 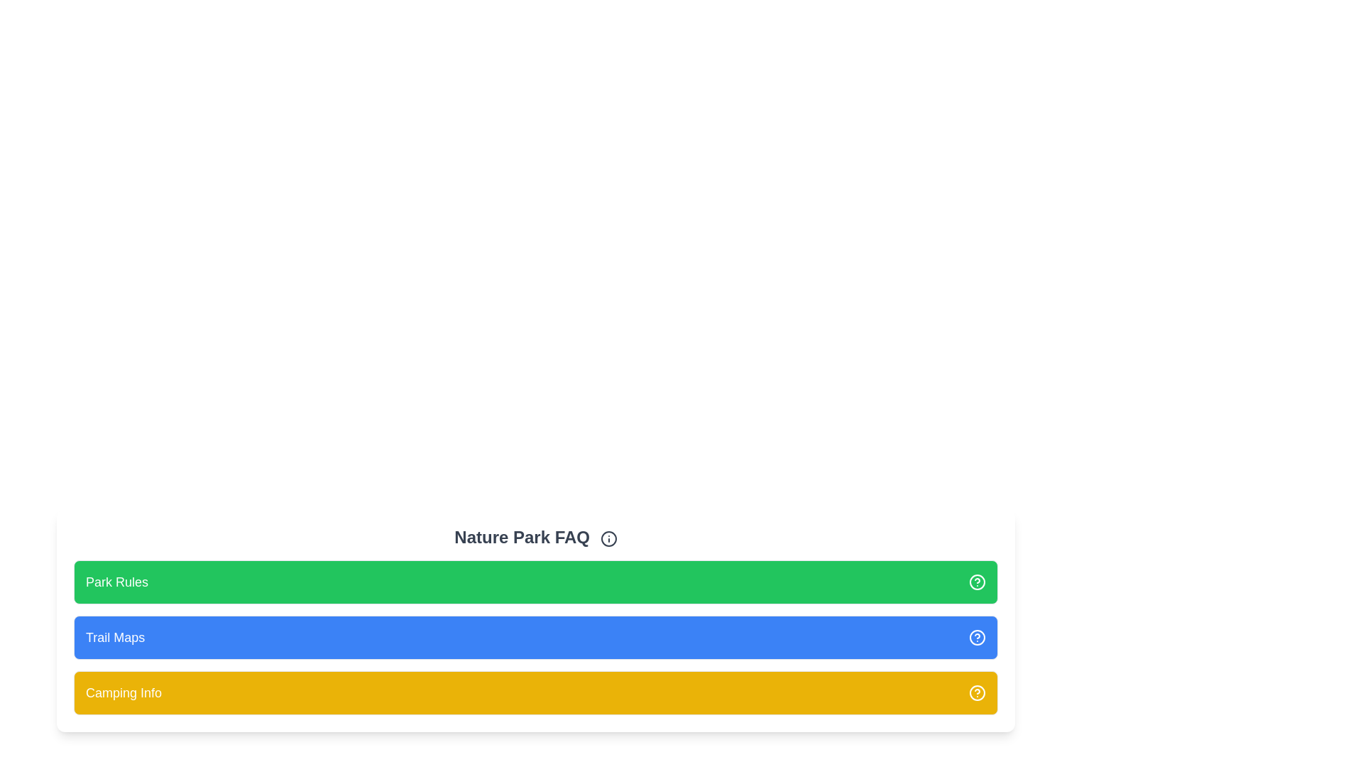 What do you see at coordinates (977, 637) in the screenshot?
I see `the help icon located at the far-right side of the blue-colored bar labeled 'Trail Maps', which provides additional information related to the topic` at bounding box center [977, 637].